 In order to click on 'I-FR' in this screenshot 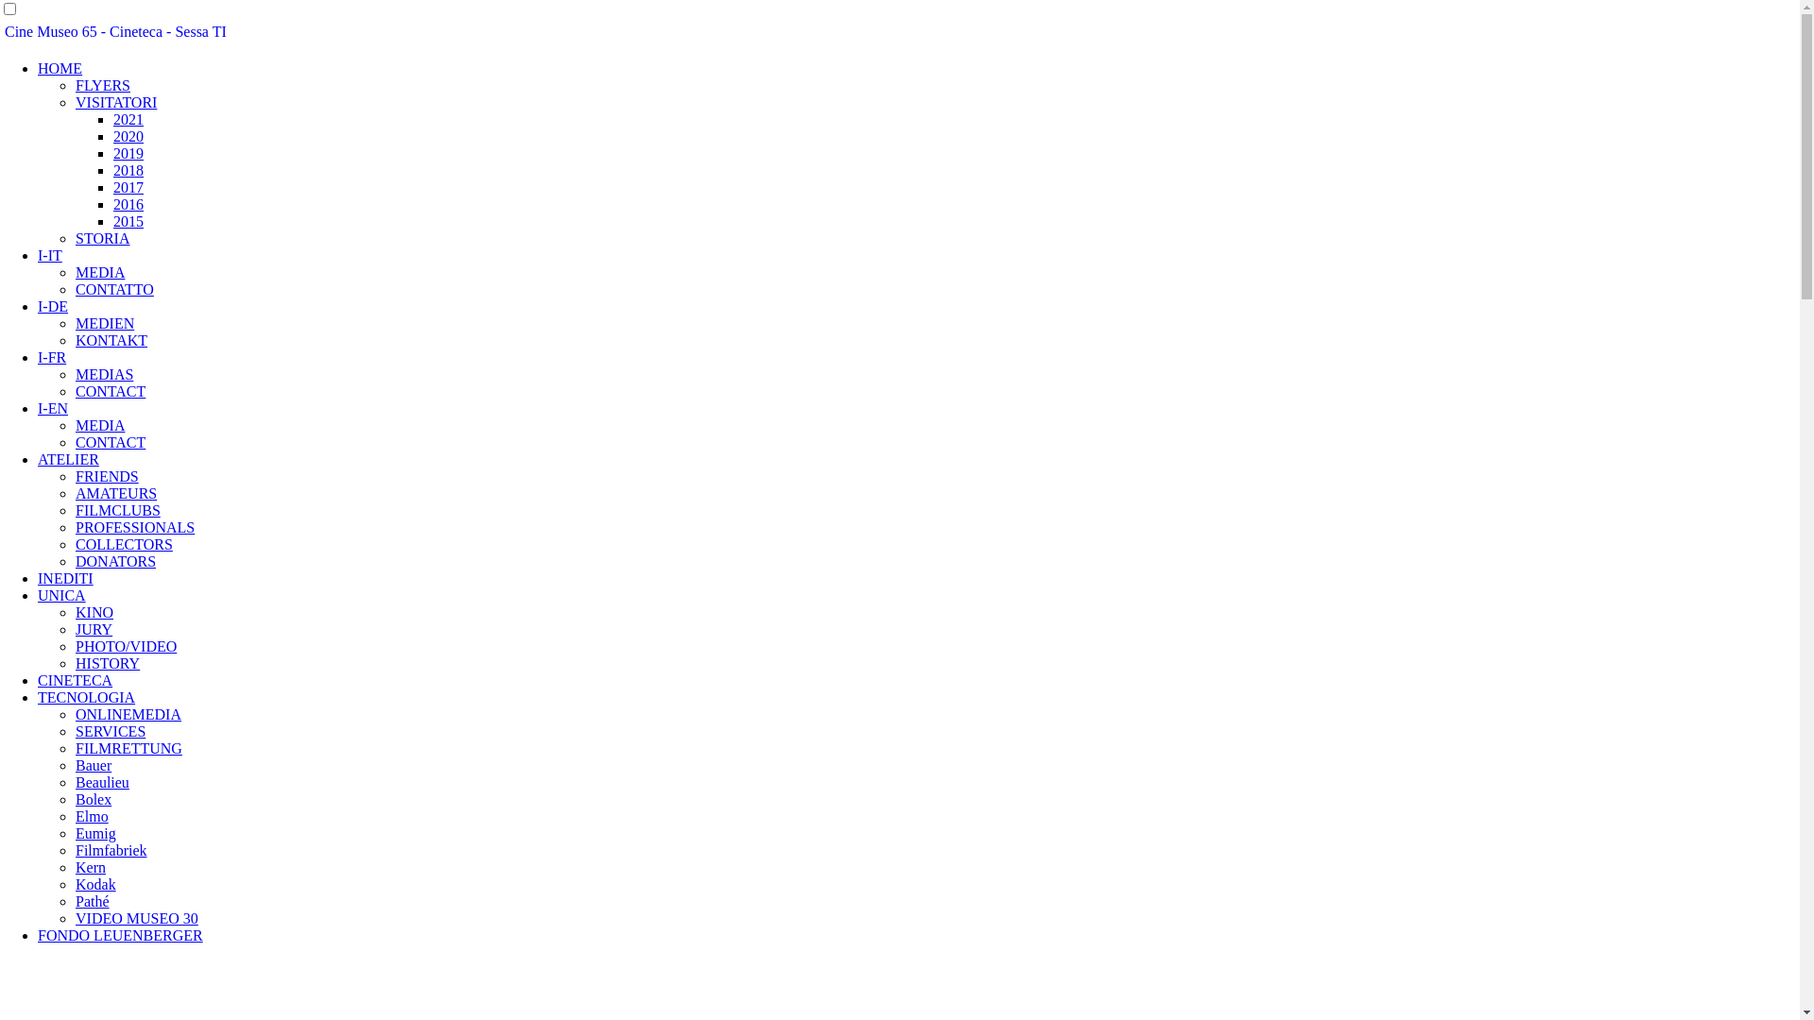, I will do `click(51, 357)`.